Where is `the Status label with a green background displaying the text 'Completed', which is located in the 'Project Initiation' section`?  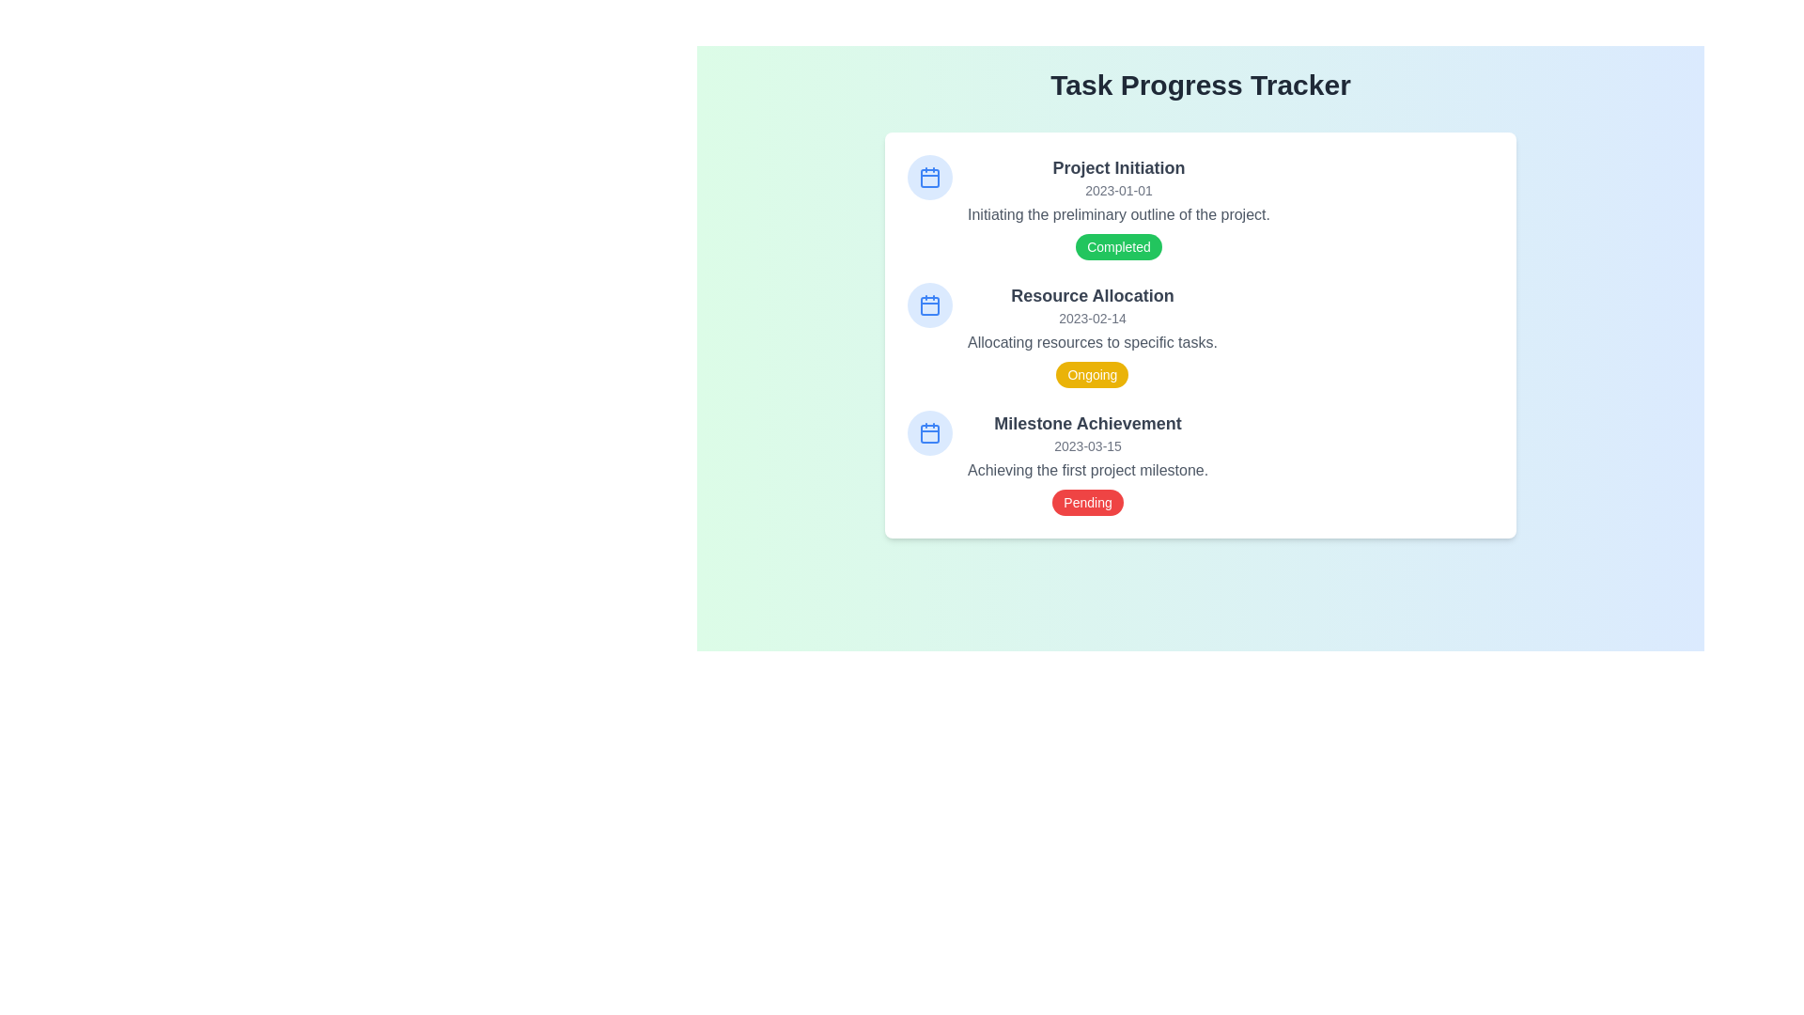 the Status label with a green background displaying the text 'Completed', which is located in the 'Project Initiation' section is located at coordinates (1118, 245).